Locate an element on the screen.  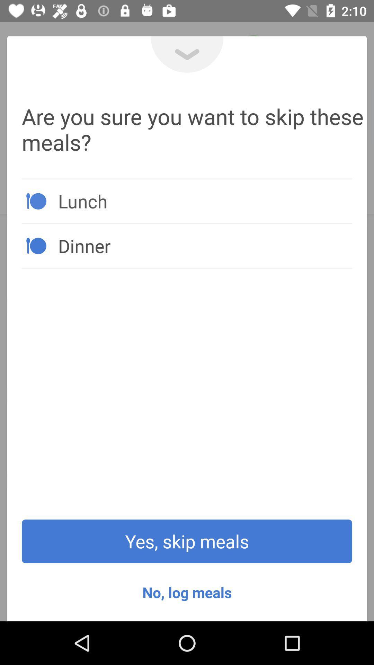
the dinner item is located at coordinates (205, 246).